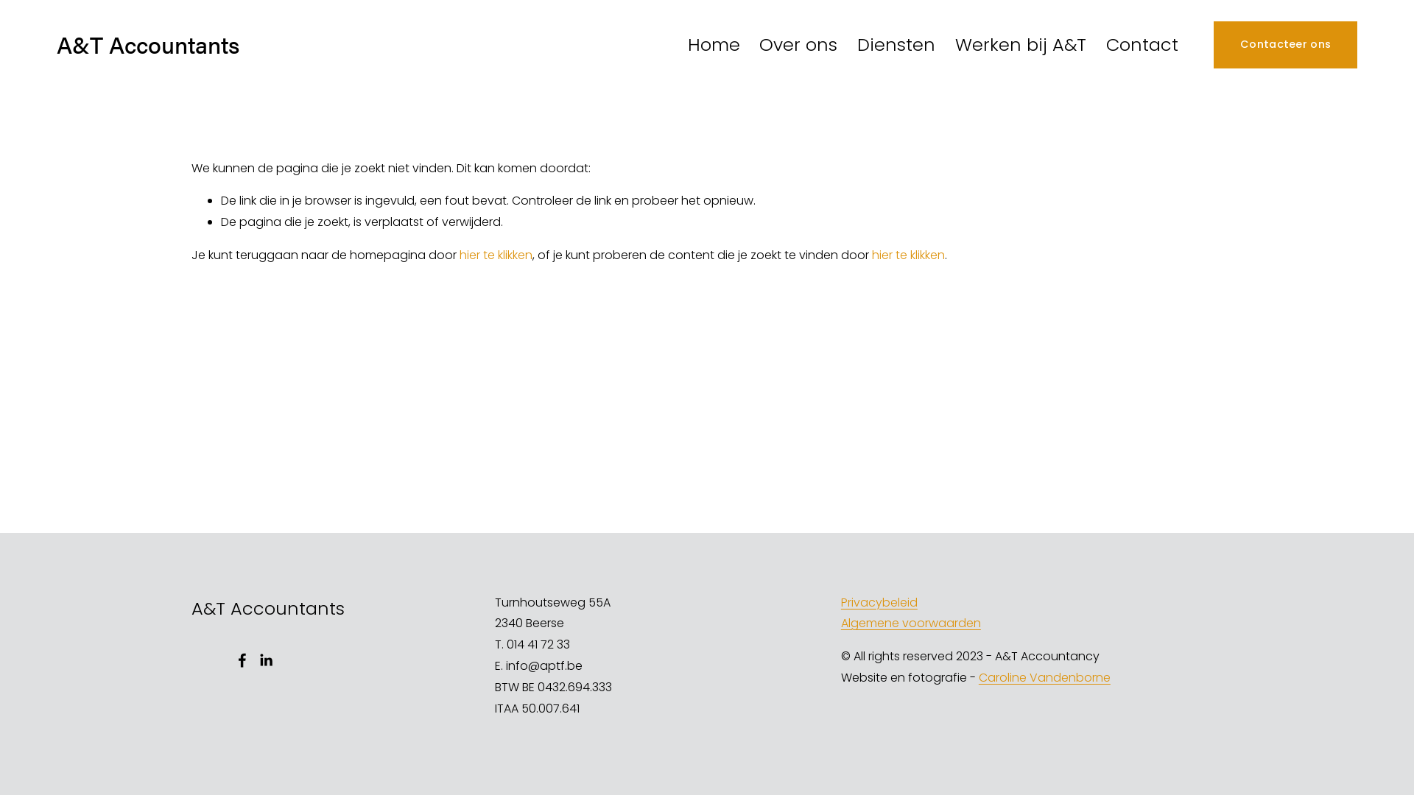 Image resolution: width=1414 pixels, height=795 pixels. I want to click on 'Caroline Vandenborne', so click(979, 678).